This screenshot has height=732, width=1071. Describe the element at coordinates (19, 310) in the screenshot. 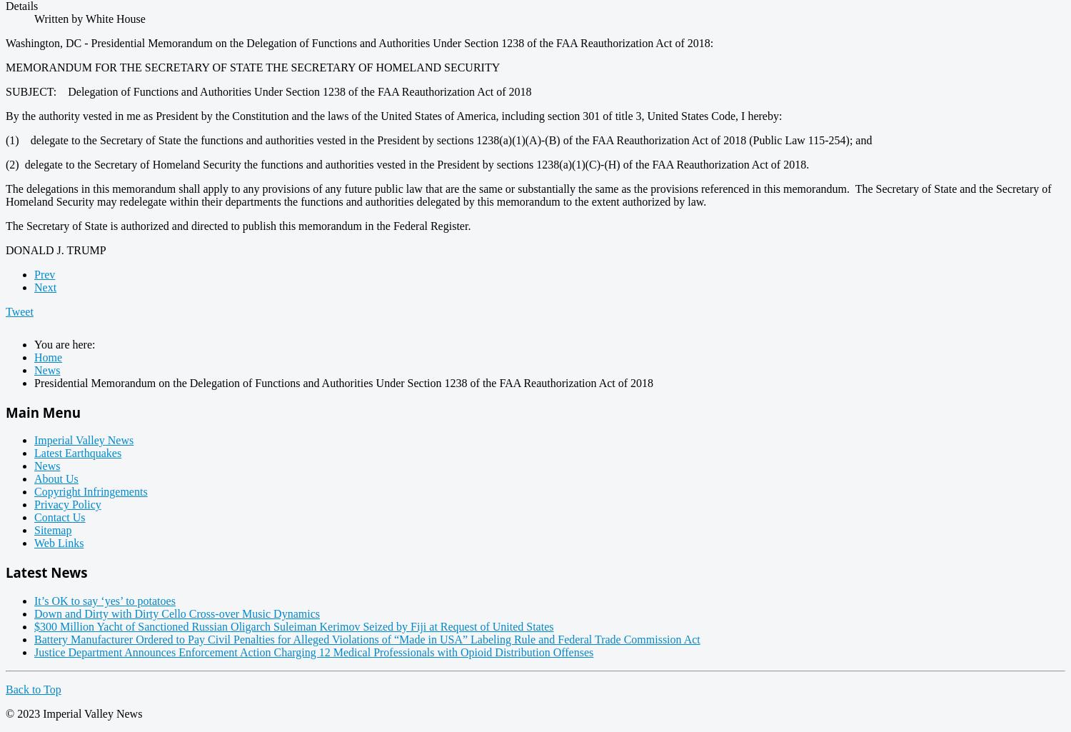

I see `'Tweet'` at that location.